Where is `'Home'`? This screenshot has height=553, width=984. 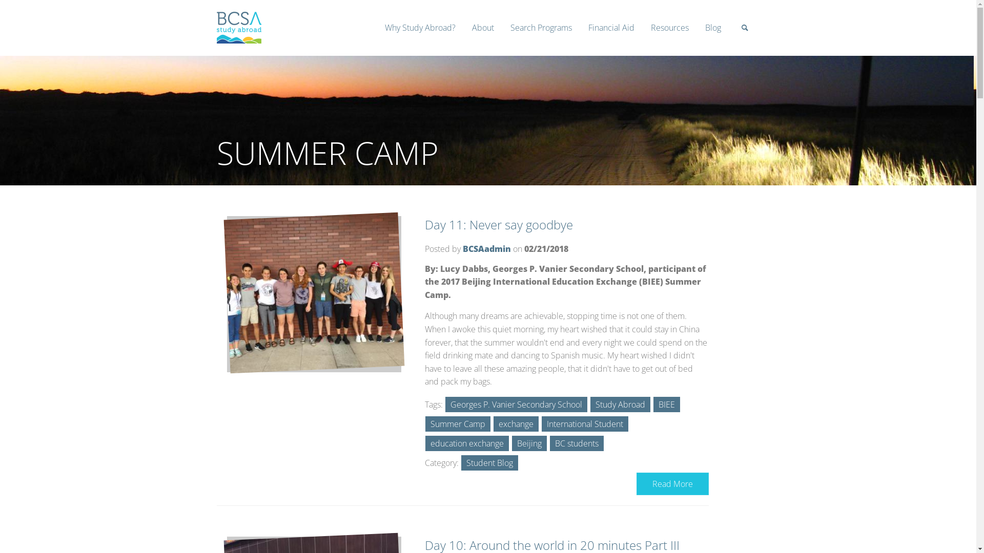 'Home' is located at coordinates (238, 39).